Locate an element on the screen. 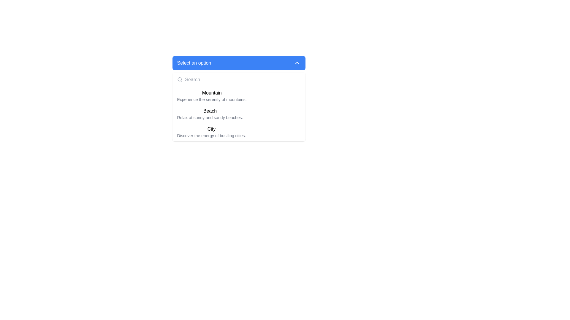 The height and width of the screenshot is (320, 570). the Text Label indicating beach-related information located in the dropdown menu under the header 'Select an option' is located at coordinates (210, 111).